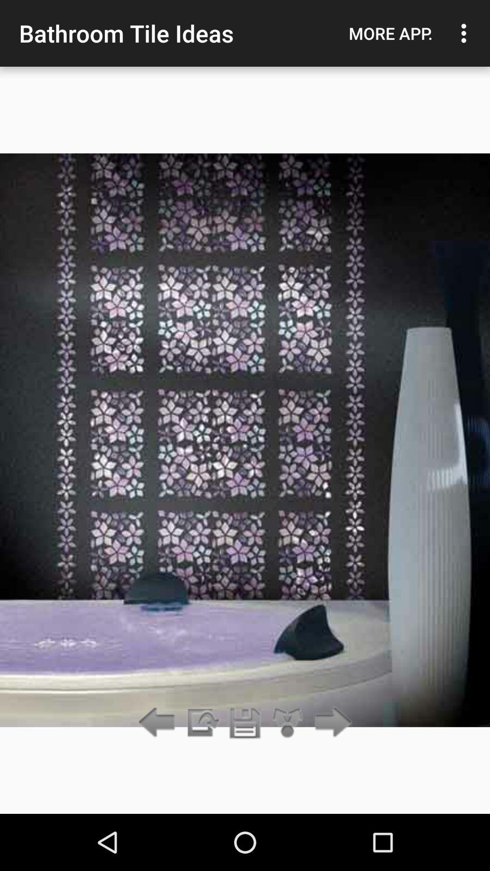 The height and width of the screenshot is (871, 490). Describe the element at coordinates (201, 723) in the screenshot. I see `export photo` at that location.